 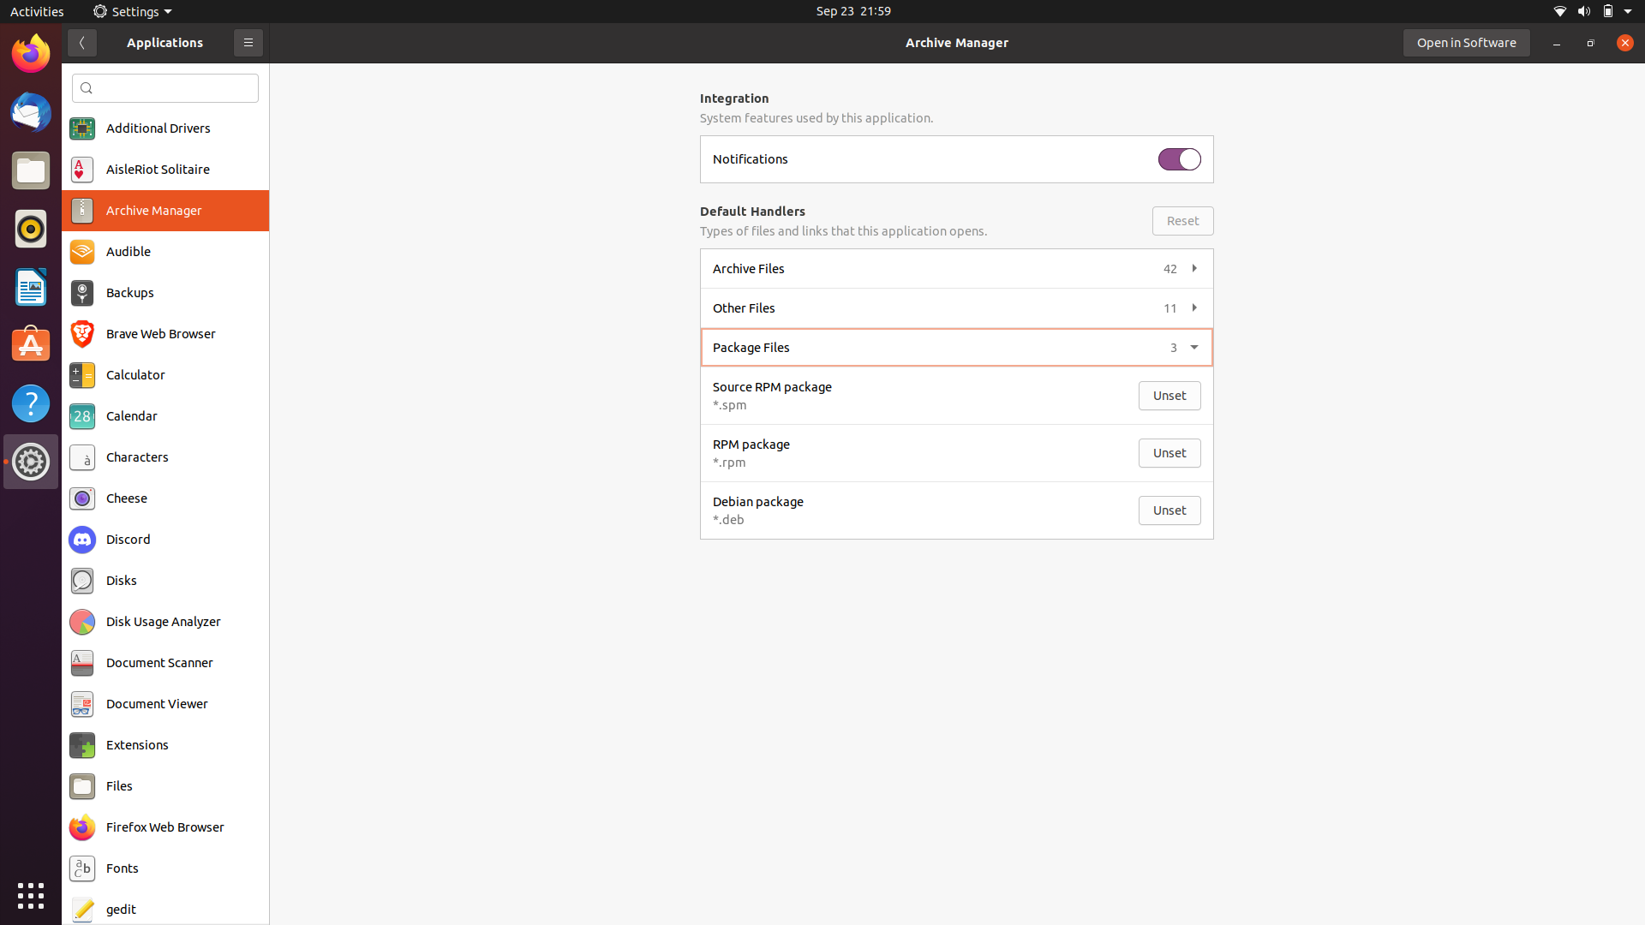 I want to click on Search for files in the search bar, so click(x=165, y=87).